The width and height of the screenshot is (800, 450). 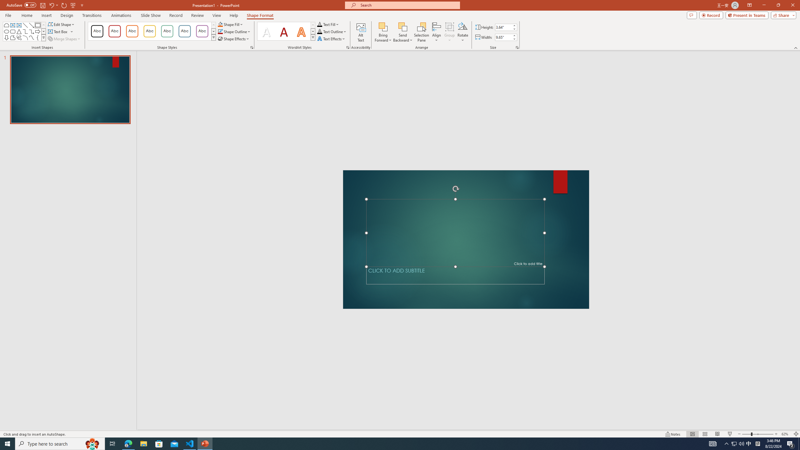 I want to click on 'Text Outline RGB(0, 0, 0)', so click(x=319, y=31).